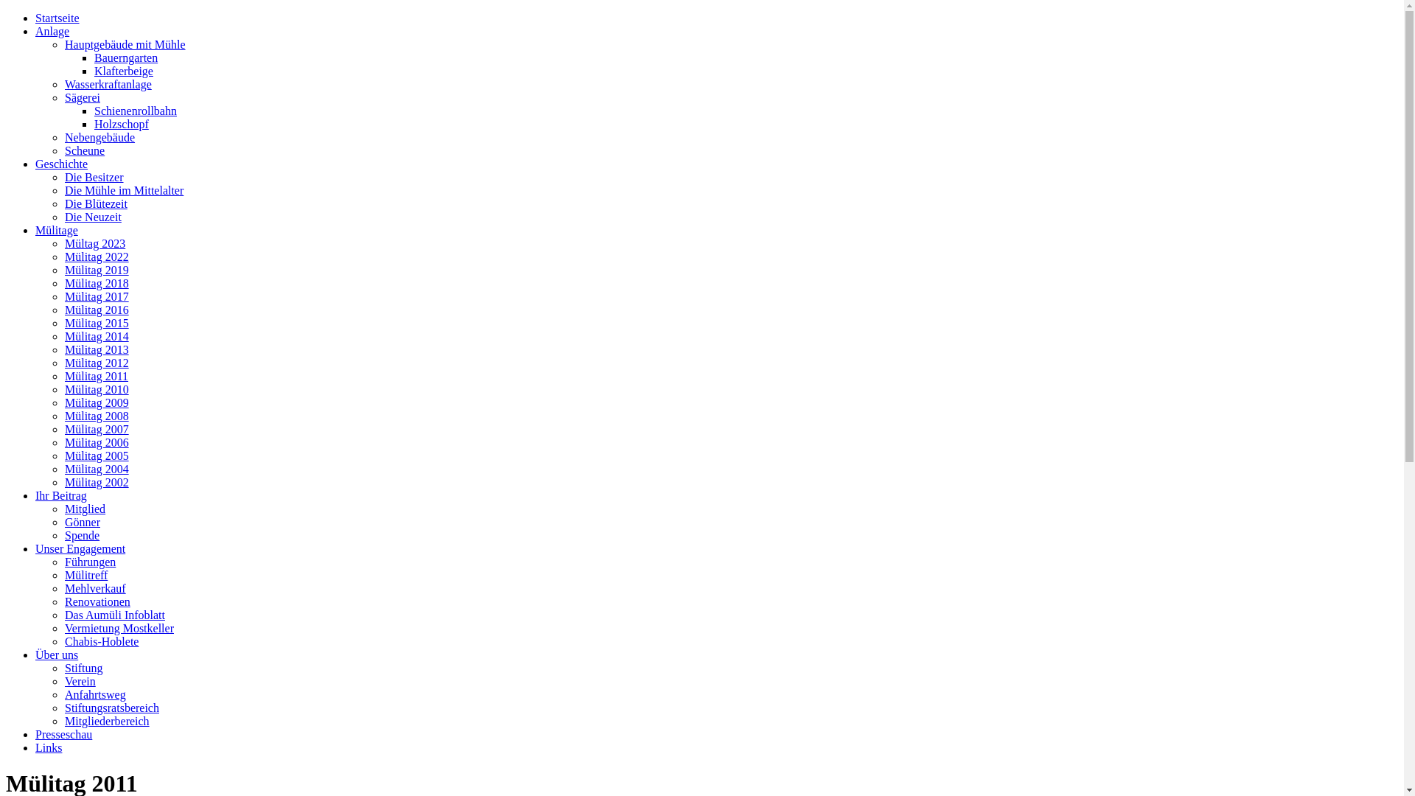 The height and width of the screenshot is (796, 1415). I want to click on 'Wasserkraftanlage', so click(108, 84).